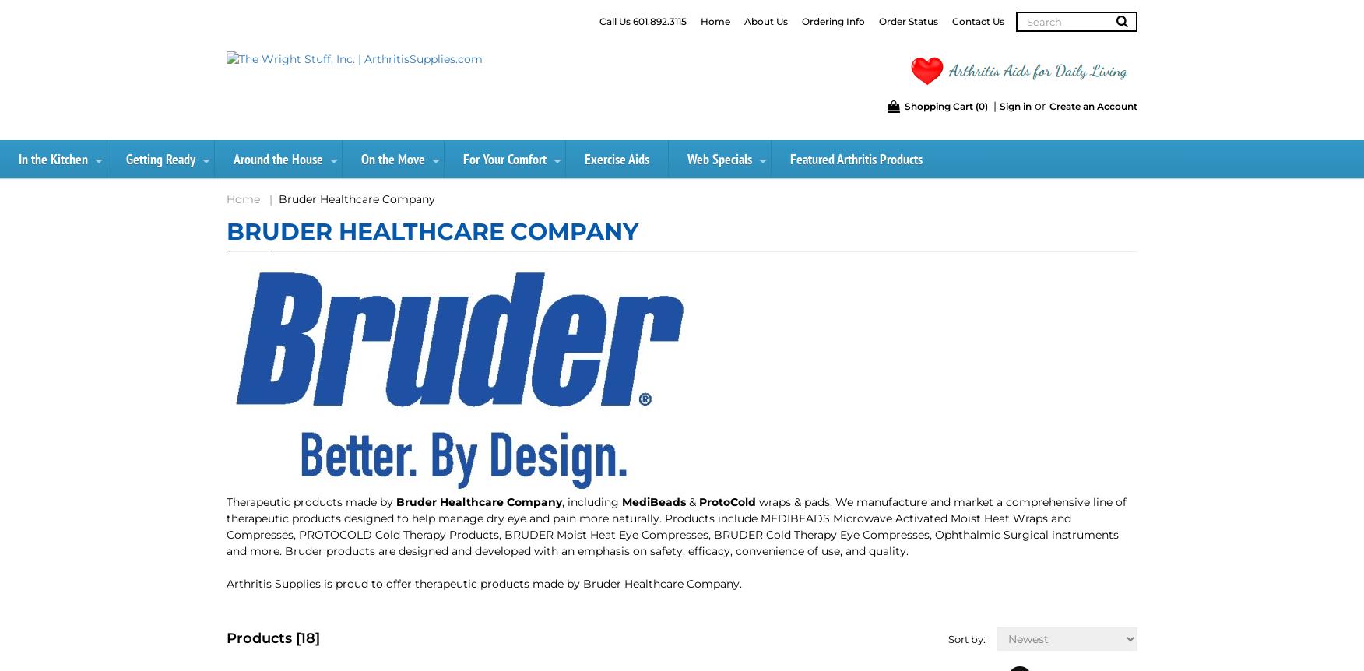 This screenshot has height=671, width=1364. I want to click on 'Create an Account', so click(1092, 105).